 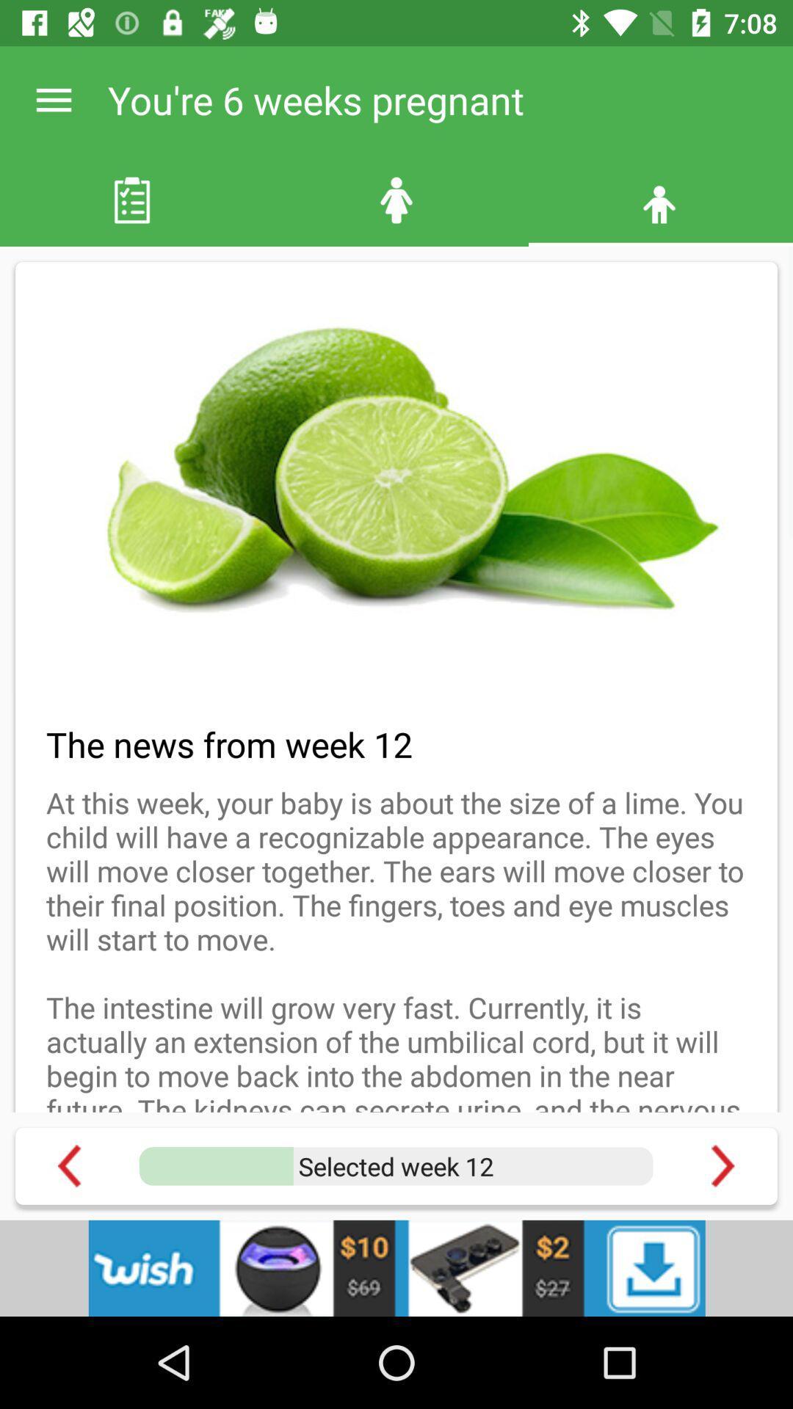 What do you see at coordinates (396, 1267) in the screenshot?
I see `open advertisement` at bounding box center [396, 1267].